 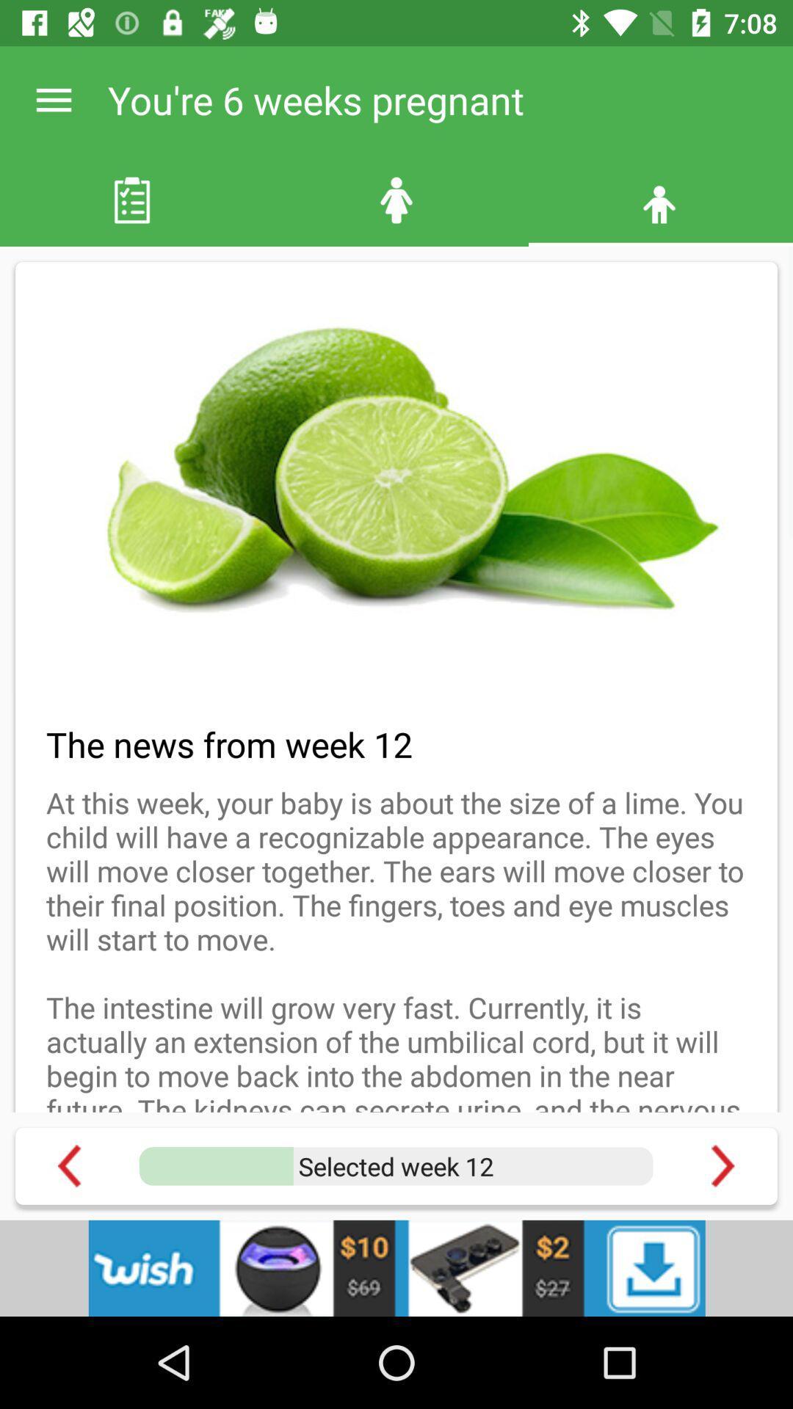 What do you see at coordinates (396, 1267) in the screenshot?
I see `open advertisement` at bounding box center [396, 1267].